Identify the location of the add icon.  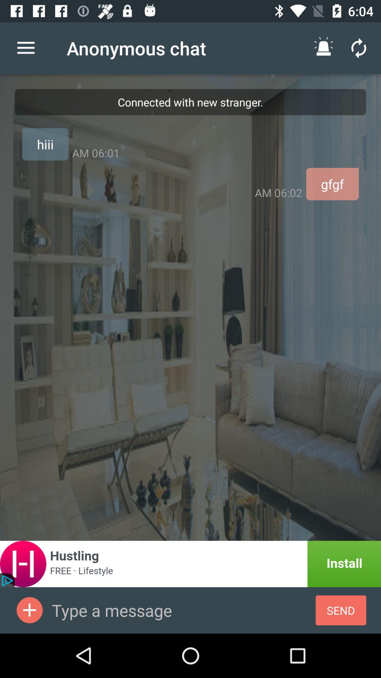
(29, 610).